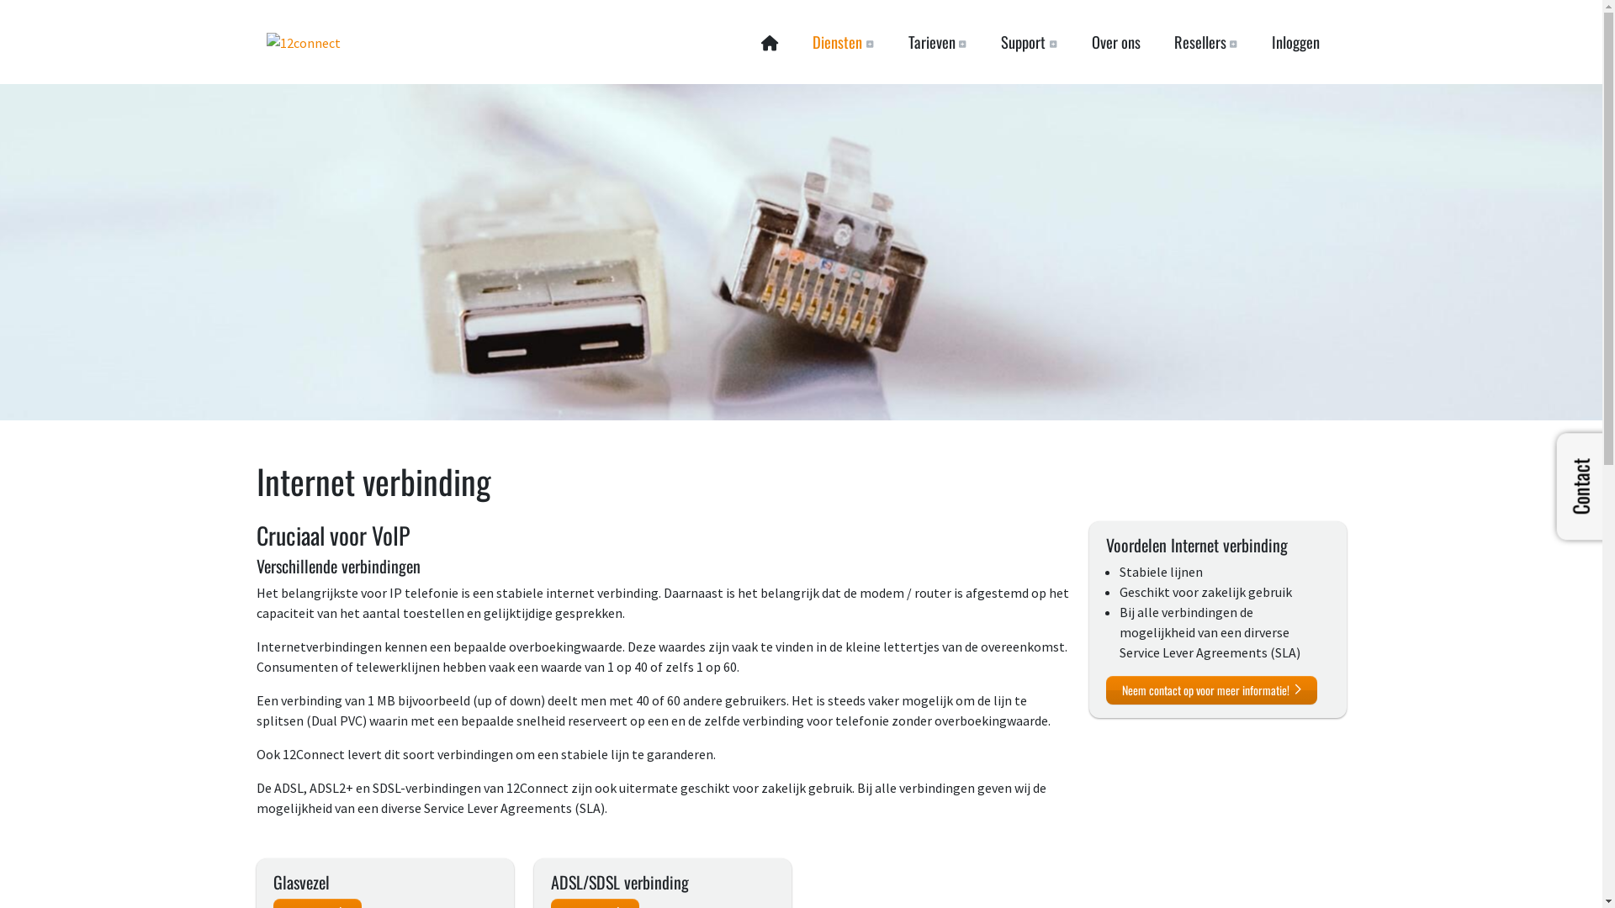 The width and height of the screenshot is (1615, 908). What do you see at coordinates (1295, 41) in the screenshot?
I see `'Inloggen'` at bounding box center [1295, 41].